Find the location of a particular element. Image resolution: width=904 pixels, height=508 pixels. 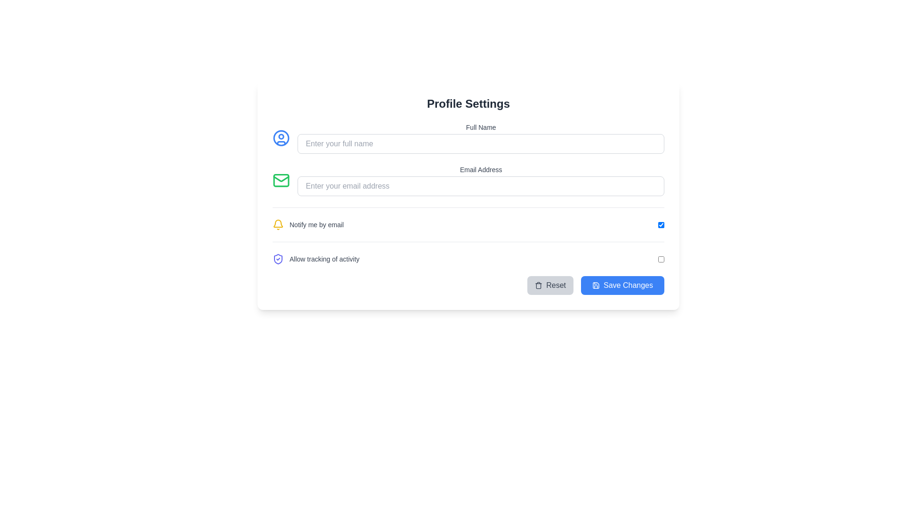

the Email Input Field, which is the second input field group below the 'Full Name' input field, to focus on it is located at coordinates (468, 181).